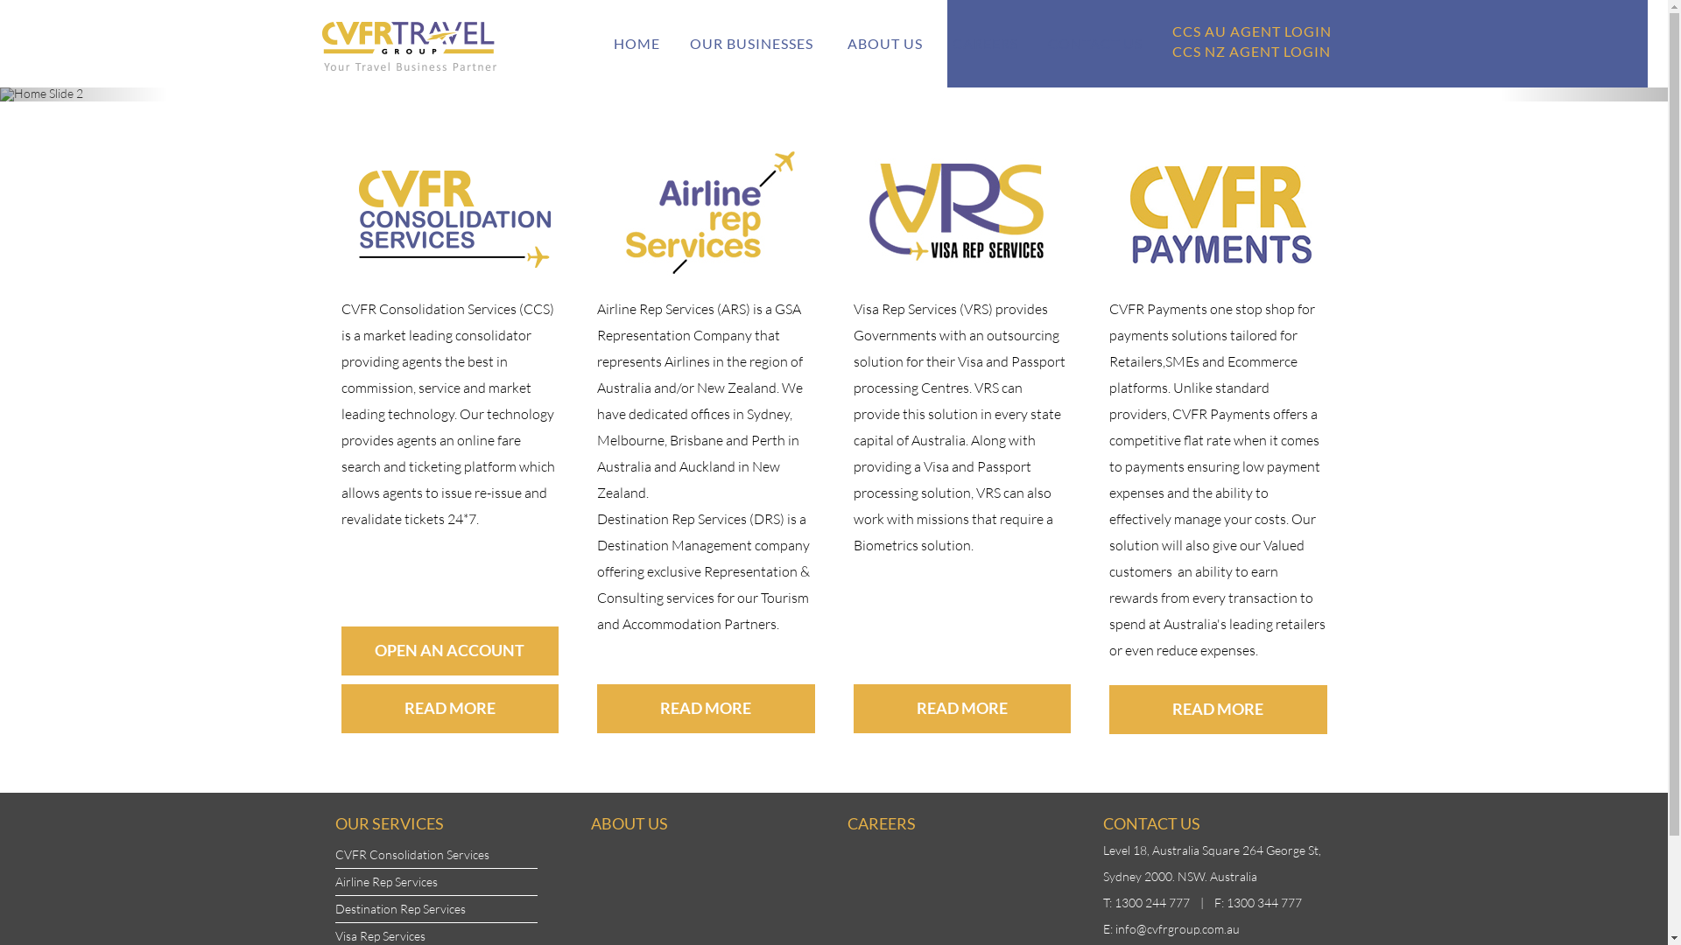 The width and height of the screenshot is (1681, 945). I want to click on 'CAREERS', so click(882, 823).